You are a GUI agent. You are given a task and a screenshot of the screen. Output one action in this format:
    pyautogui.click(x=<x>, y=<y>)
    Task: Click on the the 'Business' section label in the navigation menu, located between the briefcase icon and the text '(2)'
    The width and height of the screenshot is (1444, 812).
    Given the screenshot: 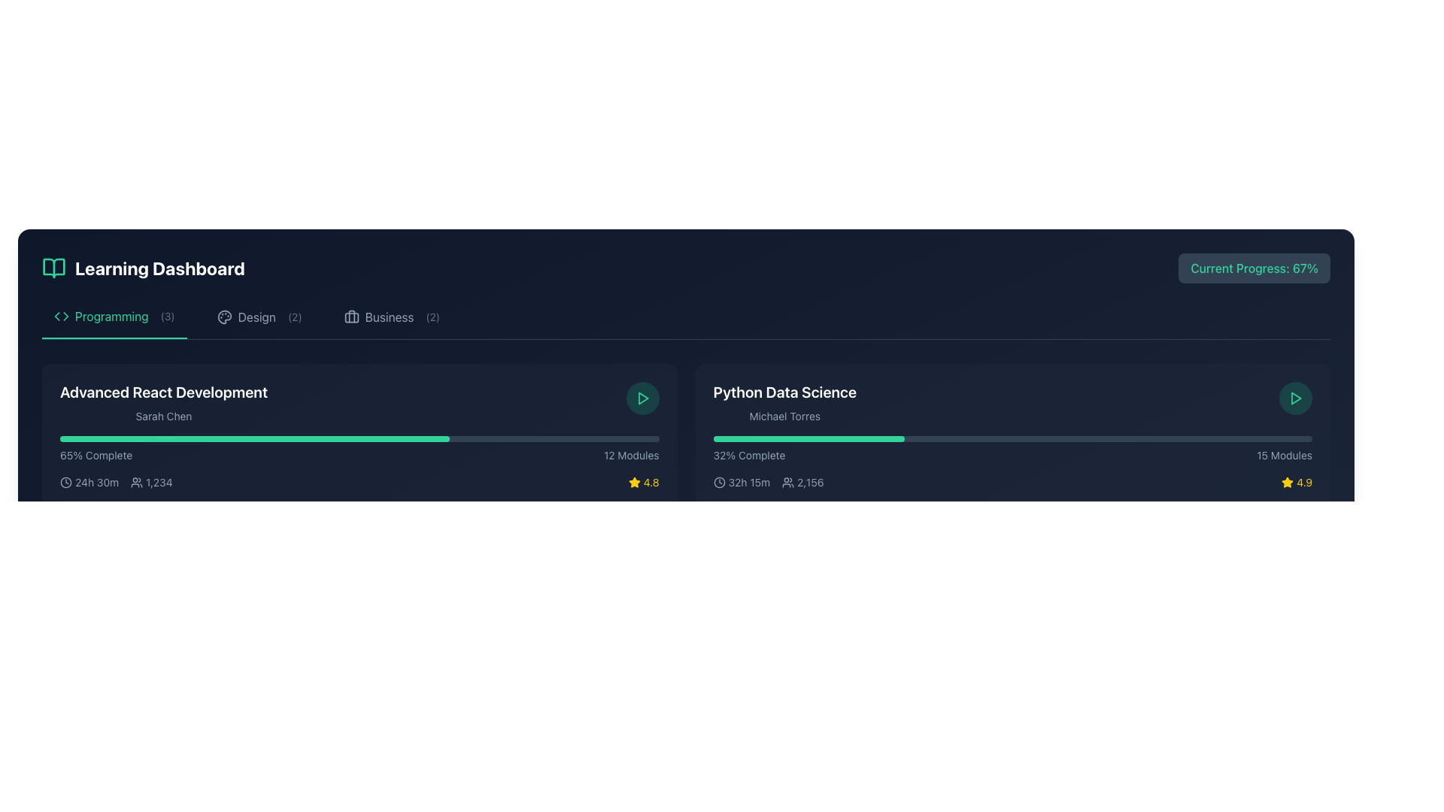 What is the action you would take?
    pyautogui.click(x=390, y=316)
    